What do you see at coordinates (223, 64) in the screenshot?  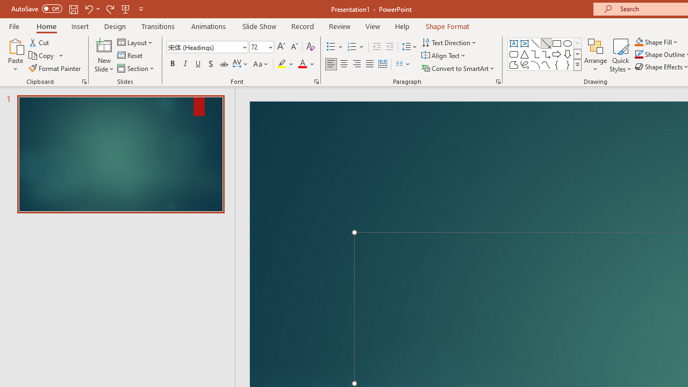 I see `'Strikethrough'` at bounding box center [223, 64].